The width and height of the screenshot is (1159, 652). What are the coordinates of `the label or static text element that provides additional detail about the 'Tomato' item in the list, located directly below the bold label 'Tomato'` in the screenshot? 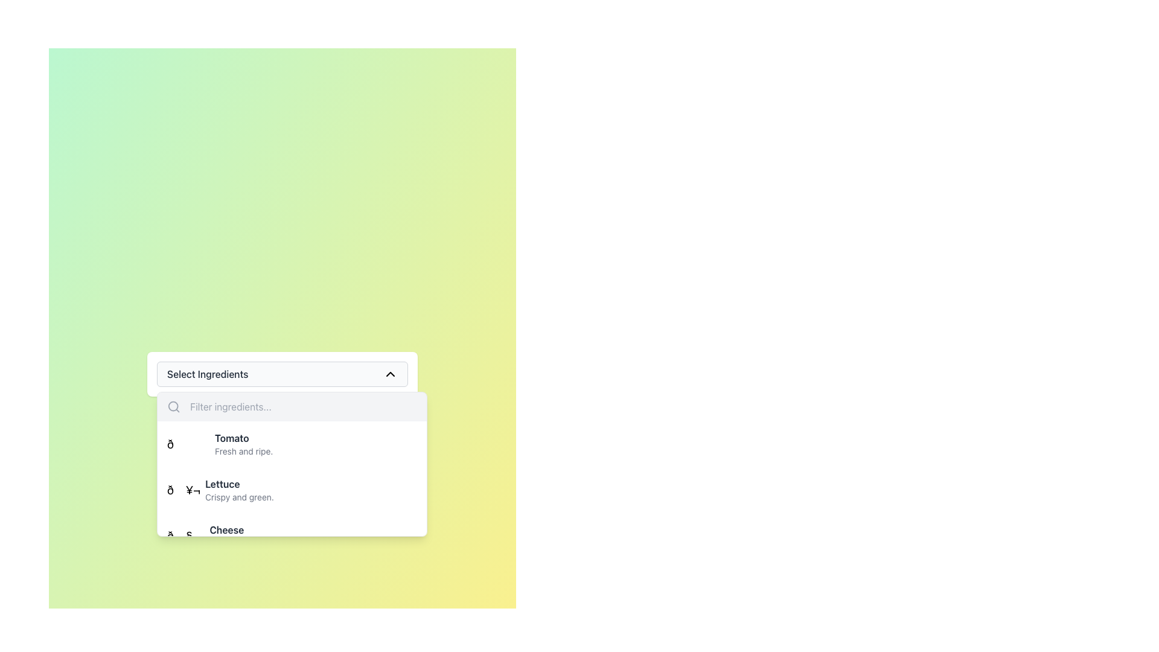 It's located at (243, 452).